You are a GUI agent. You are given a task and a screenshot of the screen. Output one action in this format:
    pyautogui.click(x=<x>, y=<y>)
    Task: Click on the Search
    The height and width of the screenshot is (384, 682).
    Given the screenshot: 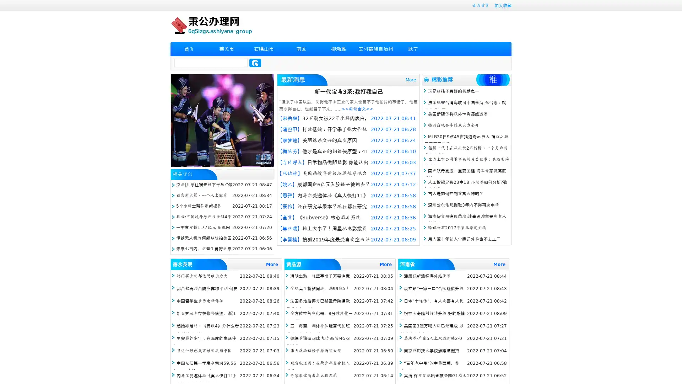 What is the action you would take?
    pyautogui.click(x=255, y=63)
    